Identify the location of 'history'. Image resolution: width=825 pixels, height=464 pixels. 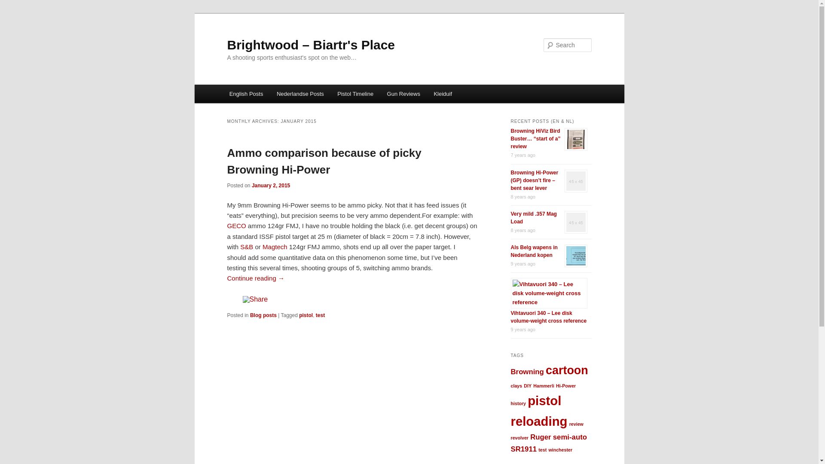
(517, 403).